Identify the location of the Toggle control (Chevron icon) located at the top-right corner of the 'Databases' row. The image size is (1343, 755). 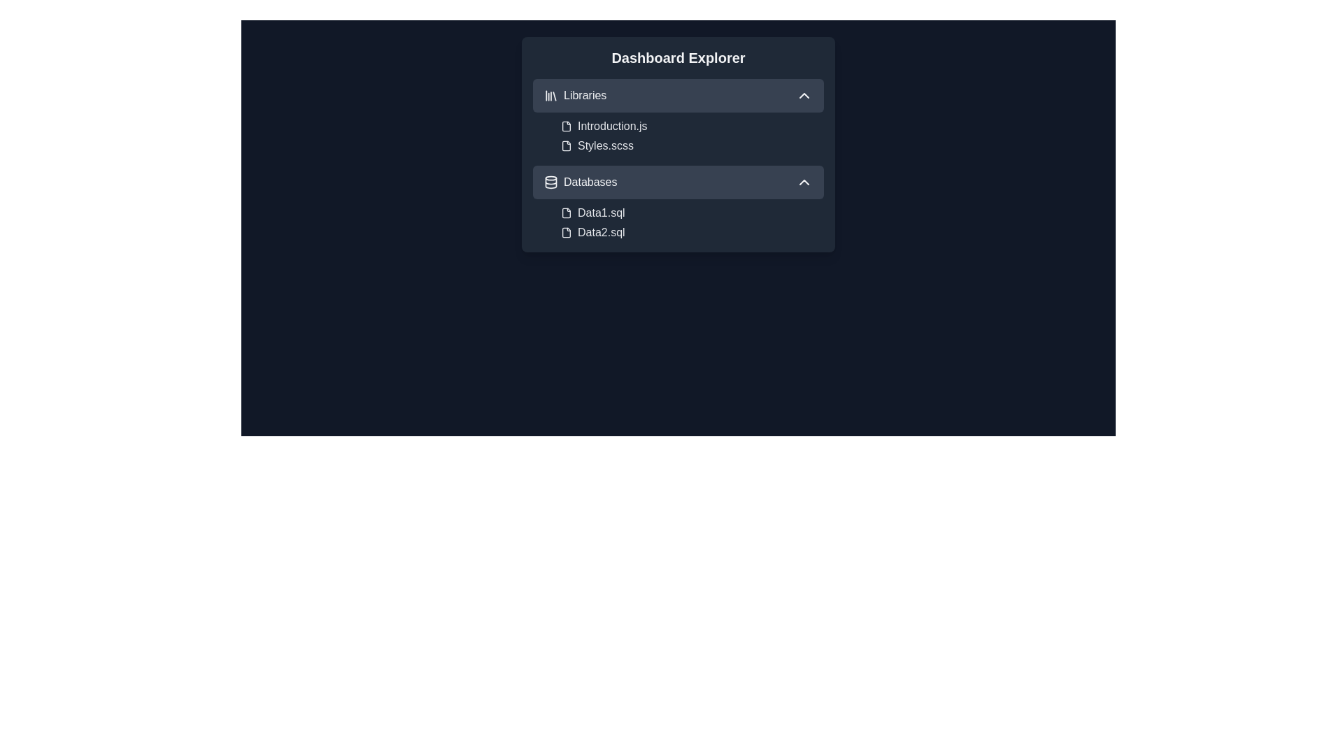
(804, 182).